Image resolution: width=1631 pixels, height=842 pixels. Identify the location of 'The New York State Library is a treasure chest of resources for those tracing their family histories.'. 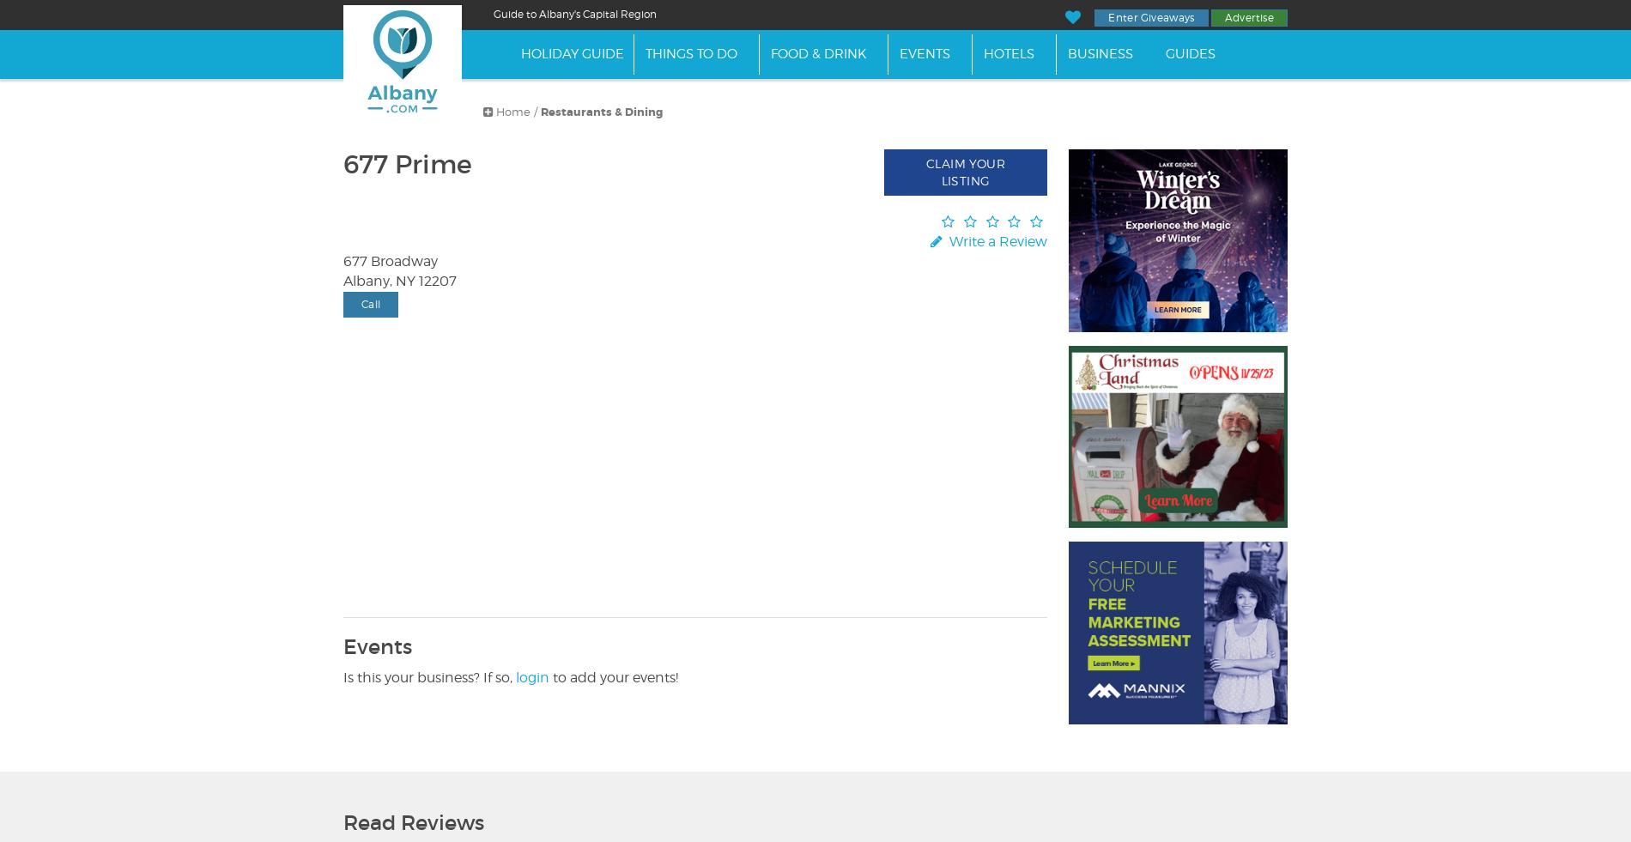
(564, 166).